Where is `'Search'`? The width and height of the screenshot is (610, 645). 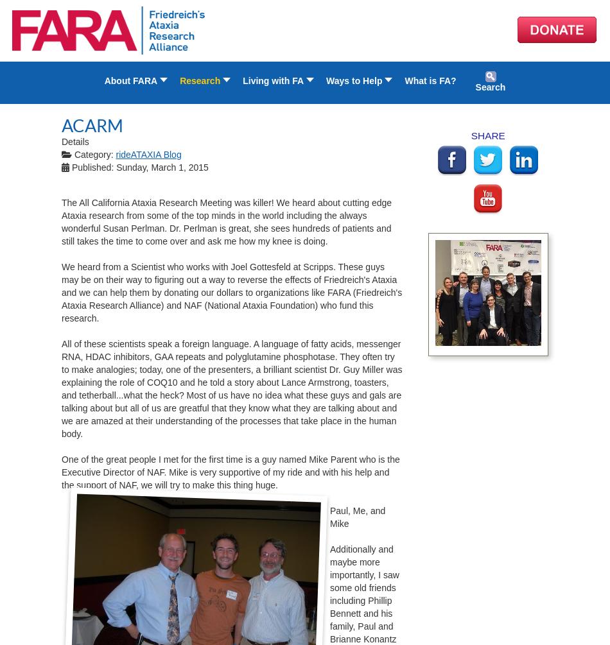
'Search' is located at coordinates (489, 87).